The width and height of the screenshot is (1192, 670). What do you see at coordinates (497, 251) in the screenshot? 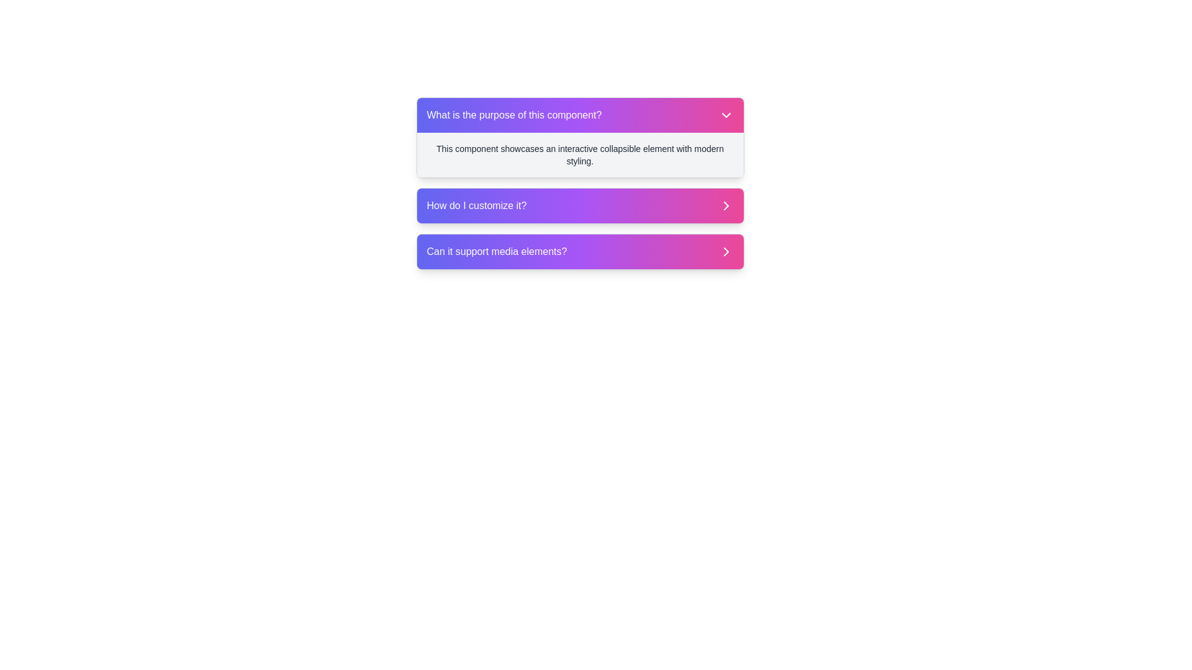
I see `the text element displaying the phrase 'Can it support media elements?' which is styled with white text on a gradient background, located in the bottom interactive segment below 'How do I customize it?'` at bounding box center [497, 251].